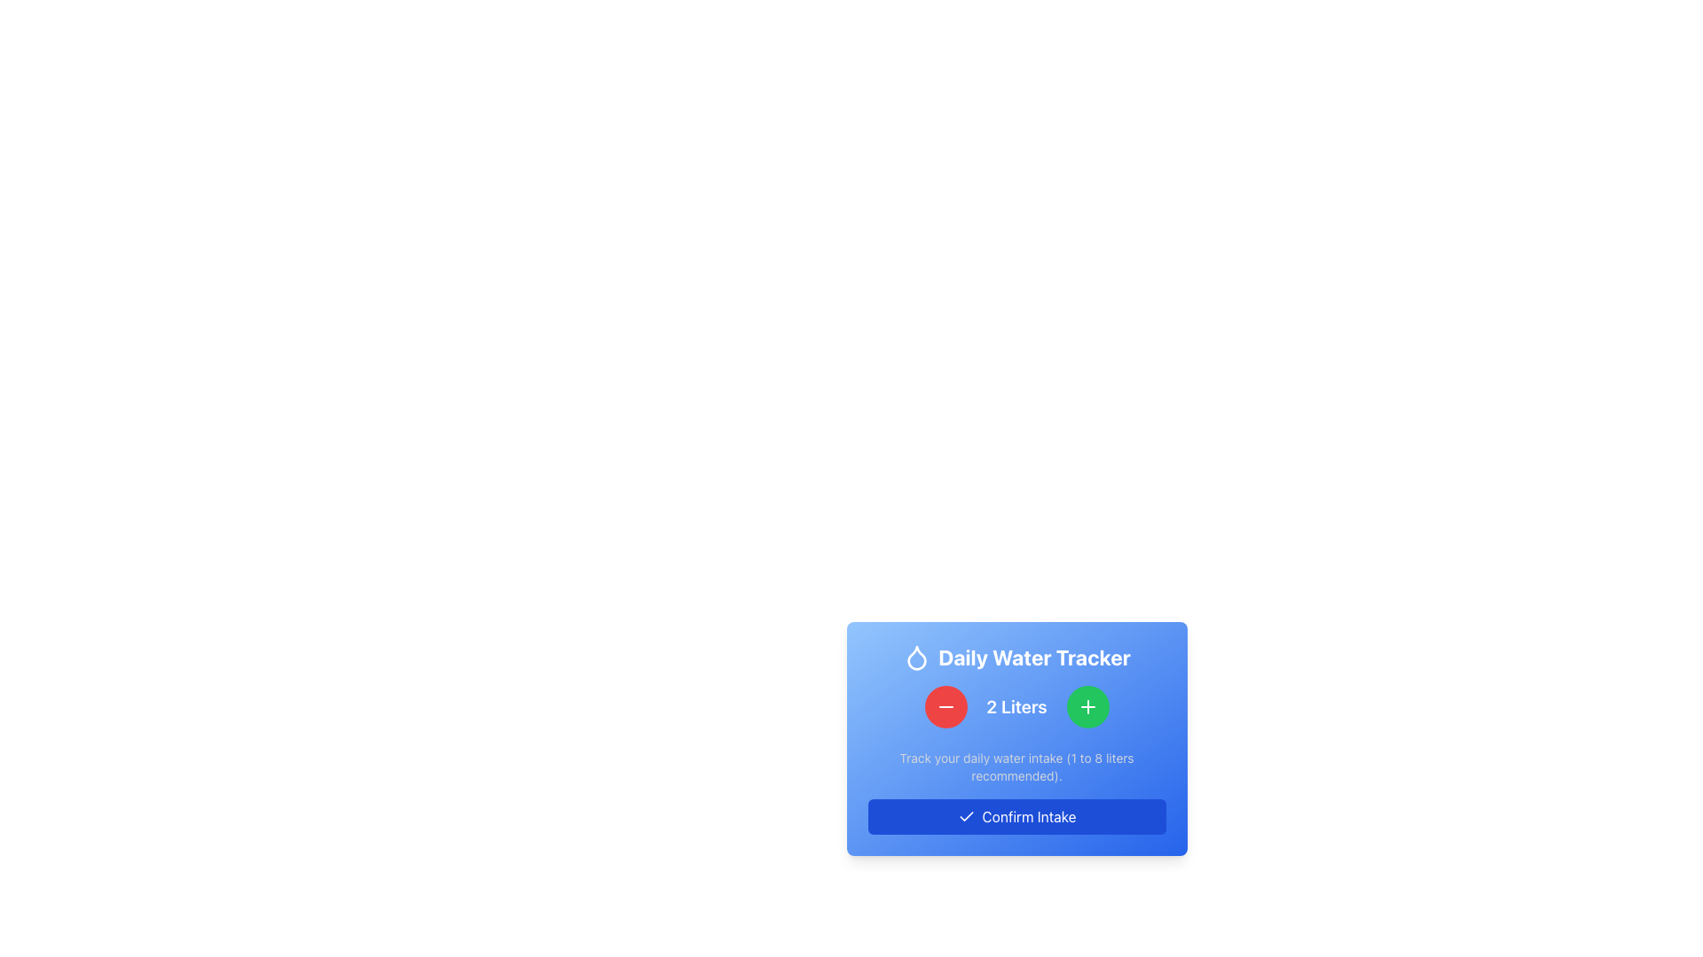 The image size is (1703, 957). Describe the element at coordinates (1016, 657) in the screenshot. I see `the text label 'Daily Water Tracker', which is prominently displayed in bold, large white font against a gradient blue background at the top of its card UI component` at that location.